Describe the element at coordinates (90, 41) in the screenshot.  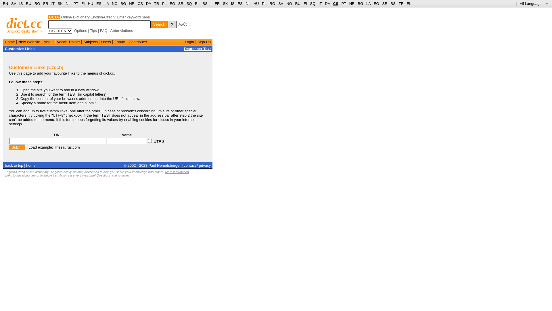
I see `'Subjects'` at that location.